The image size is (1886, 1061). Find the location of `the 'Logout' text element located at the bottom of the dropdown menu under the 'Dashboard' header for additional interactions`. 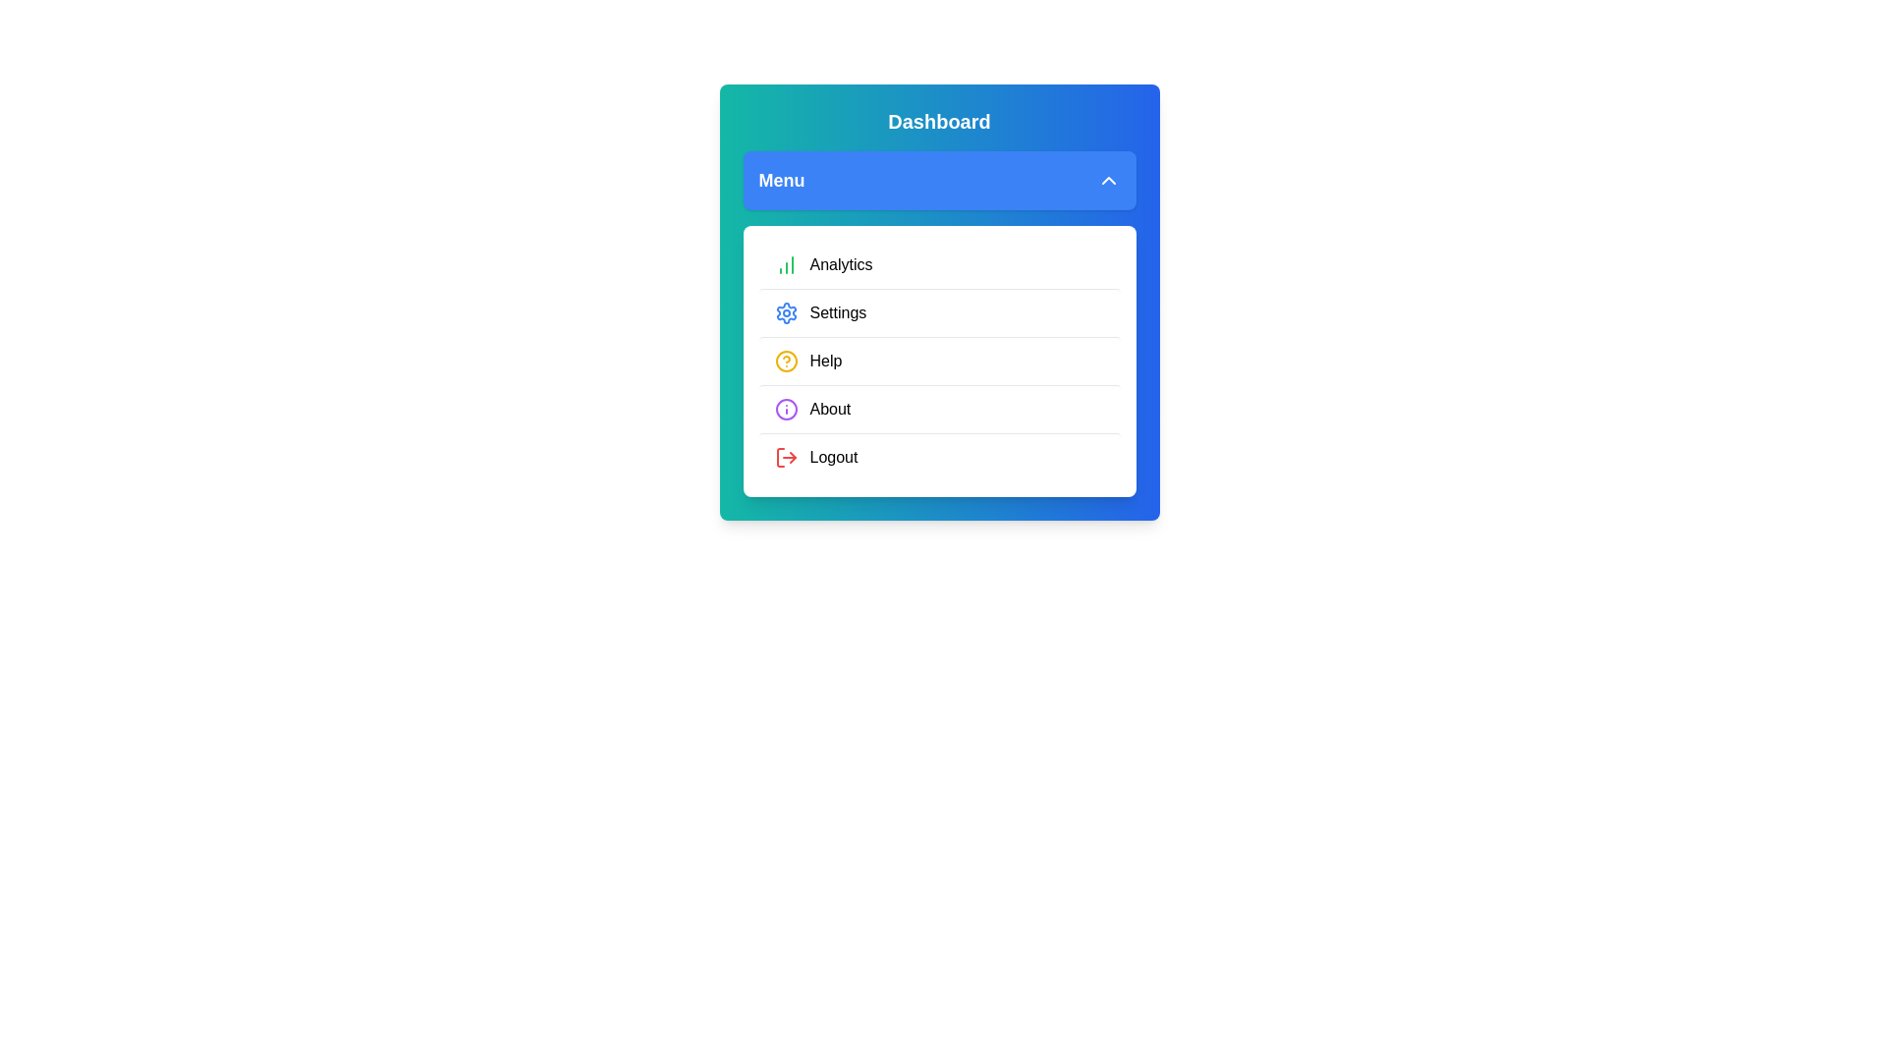

the 'Logout' text element located at the bottom of the dropdown menu under the 'Dashboard' header for additional interactions is located at coordinates (834, 458).